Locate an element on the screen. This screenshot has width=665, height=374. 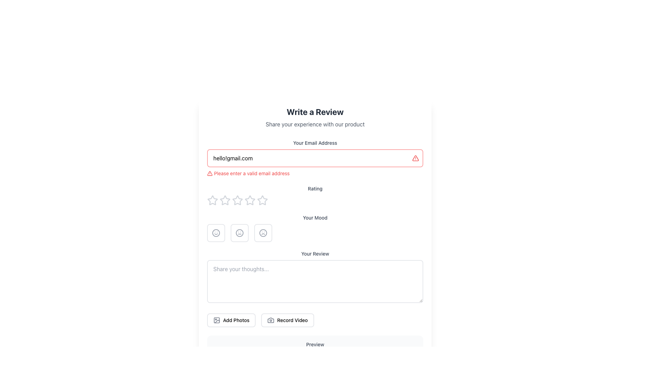
the text label styled in a small font size and medium weight, with a gray color, located at the bottom of its section, directly above the content section labeled 'Your review will appear here...' is located at coordinates (315, 345).